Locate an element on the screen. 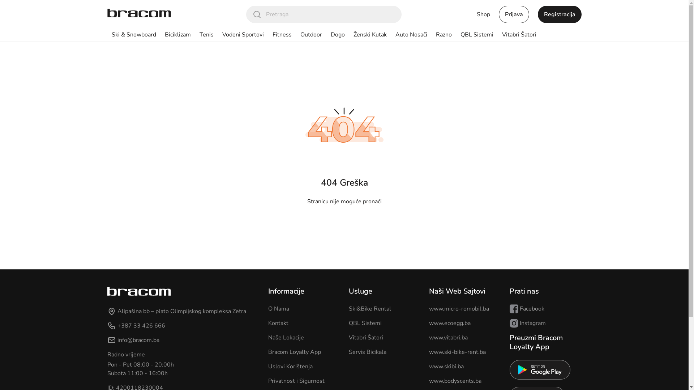 This screenshot has width=694, height=390. 'QBL Sistemi' is located at coordinates (365, 322).